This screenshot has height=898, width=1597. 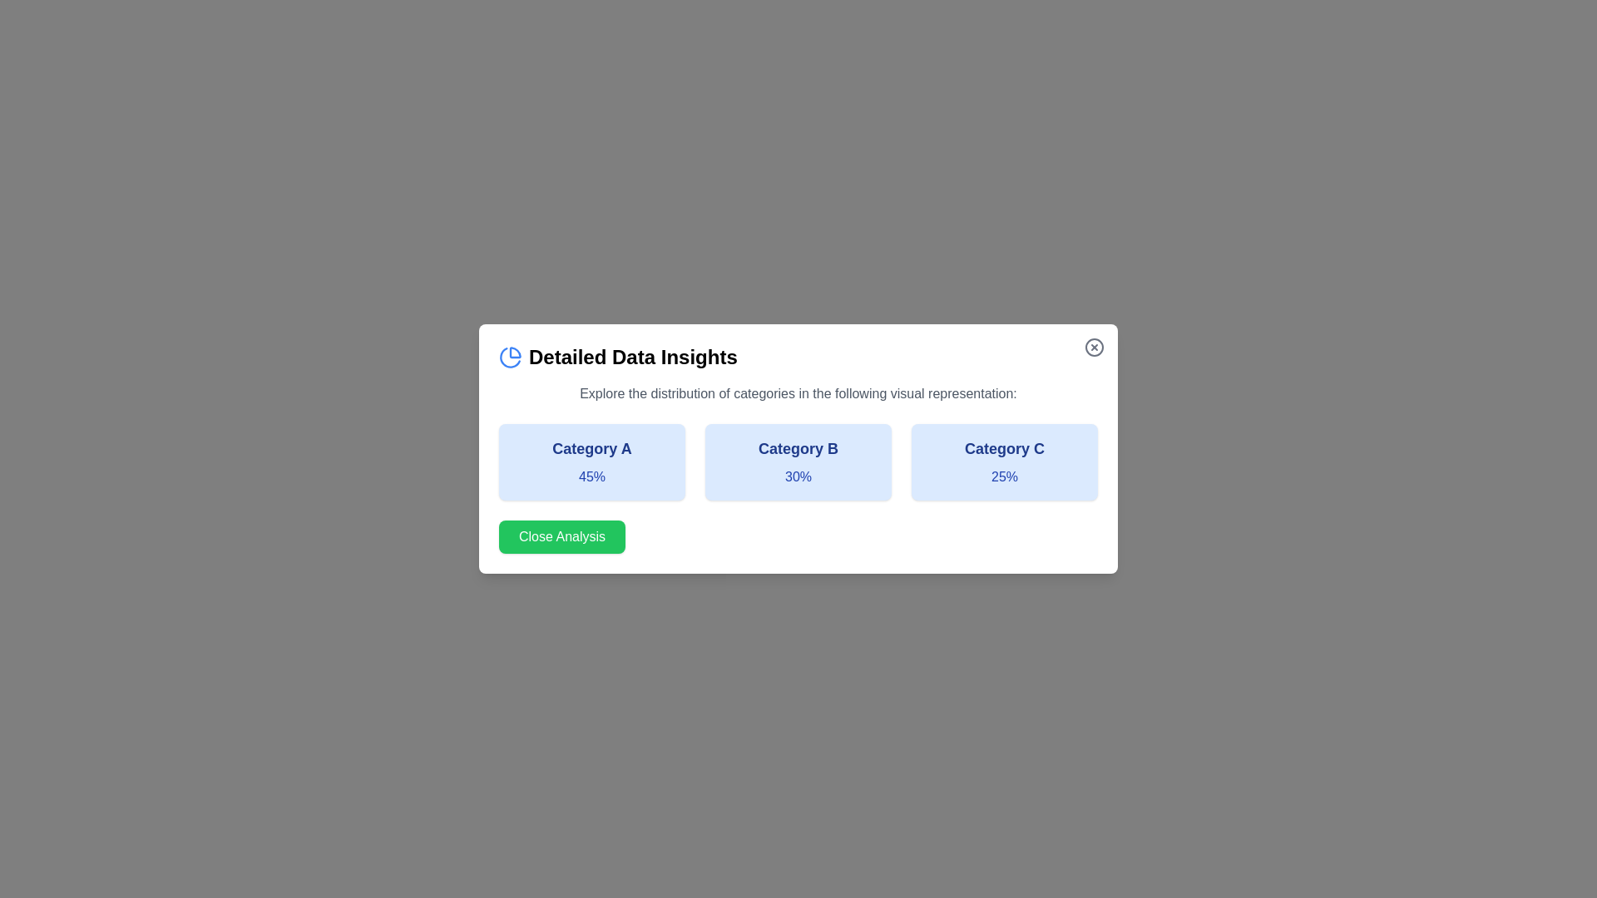 What do you see at coordinates (1094, 346) in the screenshot?
I see `the graphical representation of the close button located at the top-right corner of the dialog box, which is part of an SVG structure` at bounding box center [1094, 346].